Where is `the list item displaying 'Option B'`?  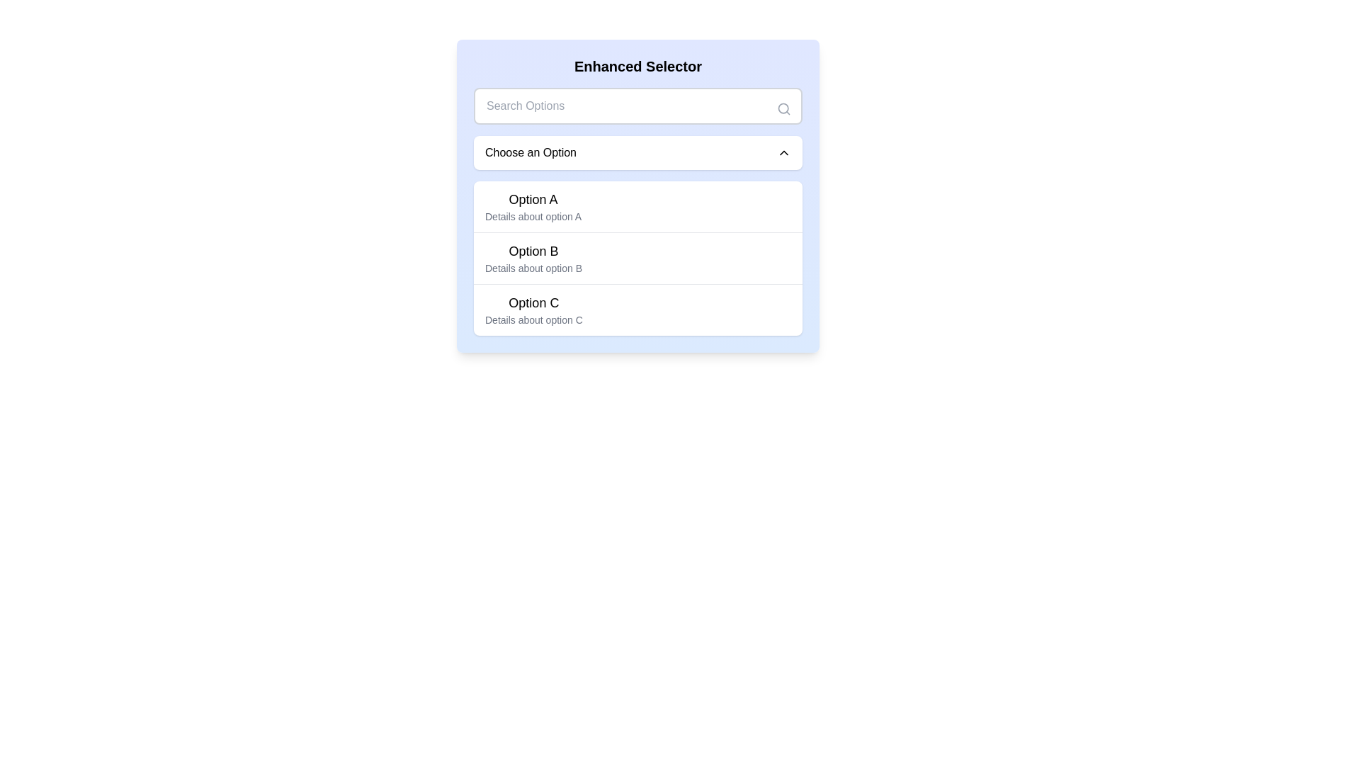 the list item displaying 'Option B' is located at coordinates (637, 258).